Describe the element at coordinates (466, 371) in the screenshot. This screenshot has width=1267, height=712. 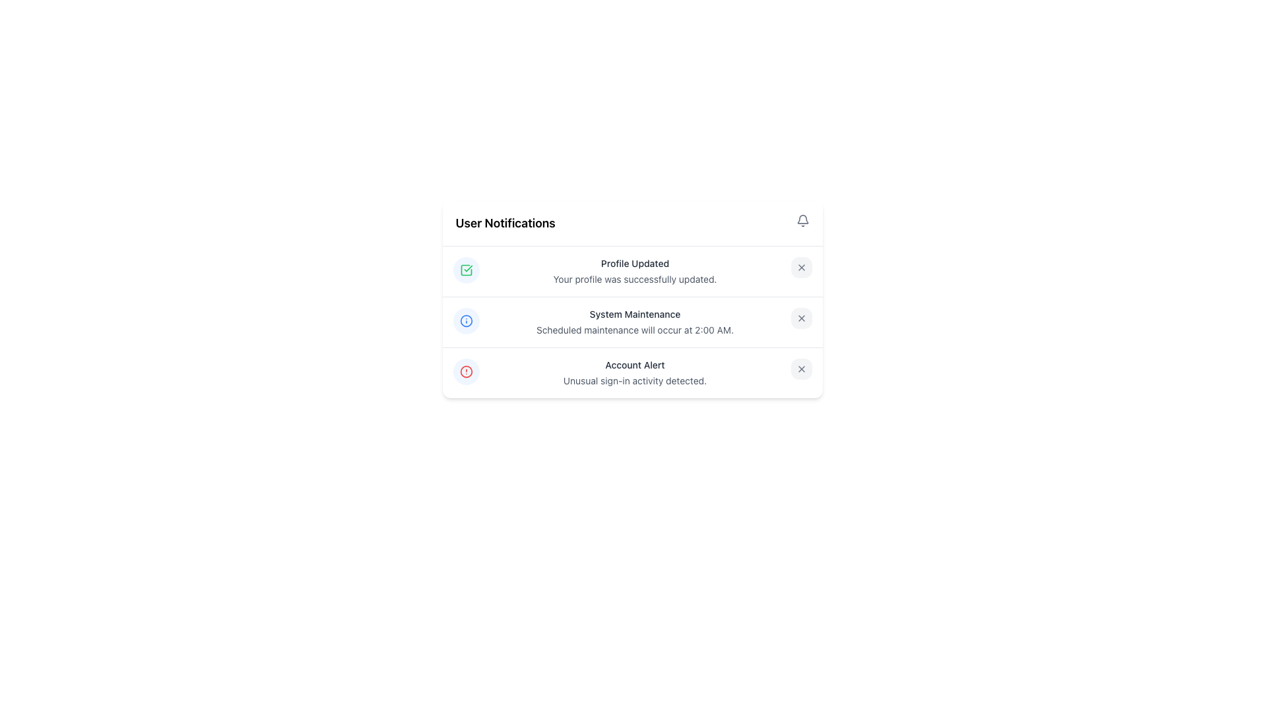
I see `the circular alert icon with a thin red border, located centrally within the 'Account Alert' notification in the User Notifications section` at that location.